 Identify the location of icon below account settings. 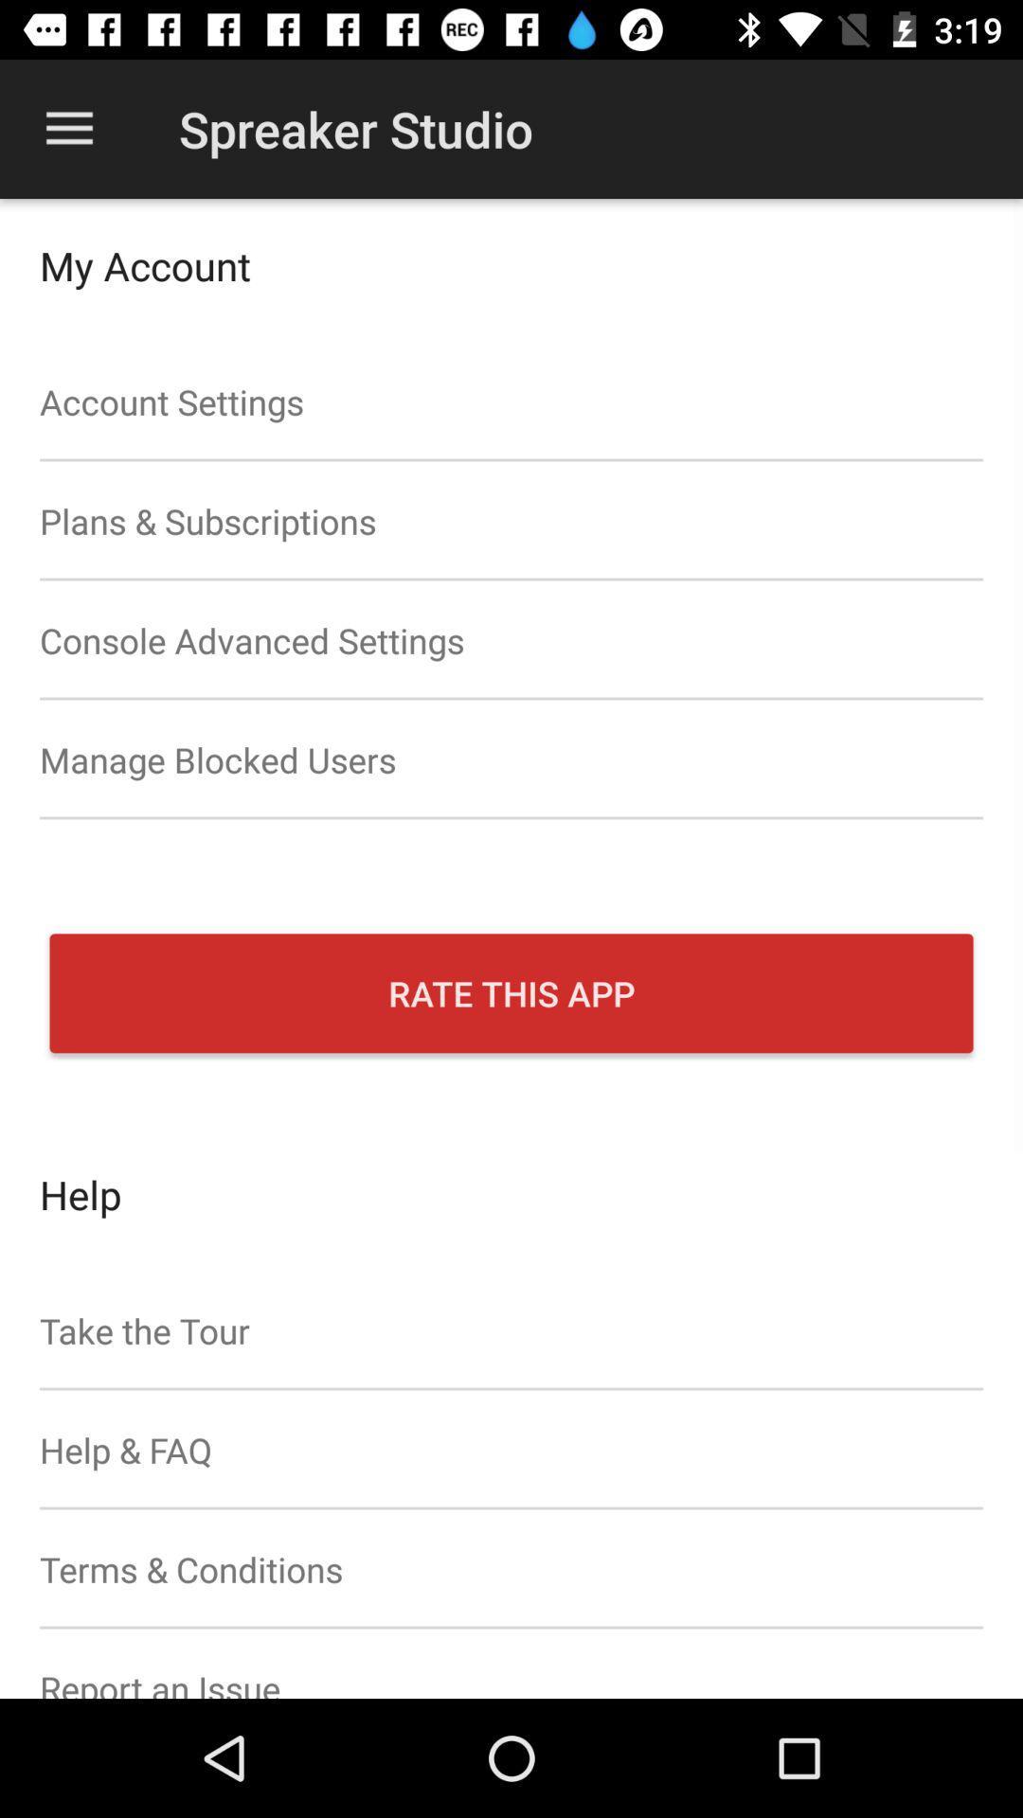
(511, 521).